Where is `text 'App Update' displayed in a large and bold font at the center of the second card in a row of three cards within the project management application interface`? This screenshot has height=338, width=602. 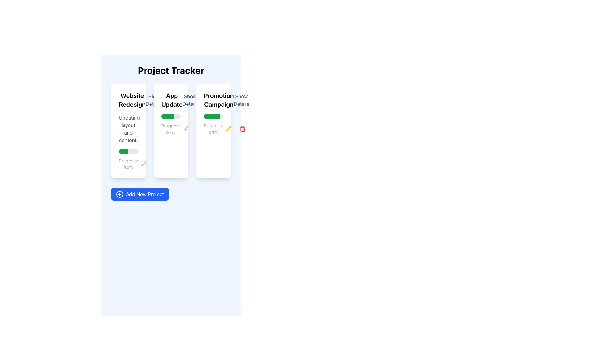 text 'App Update' displayed in a large and bold font at the center of the second card in a row of three cards within the project management application interface is located at coordinates (172, 100).